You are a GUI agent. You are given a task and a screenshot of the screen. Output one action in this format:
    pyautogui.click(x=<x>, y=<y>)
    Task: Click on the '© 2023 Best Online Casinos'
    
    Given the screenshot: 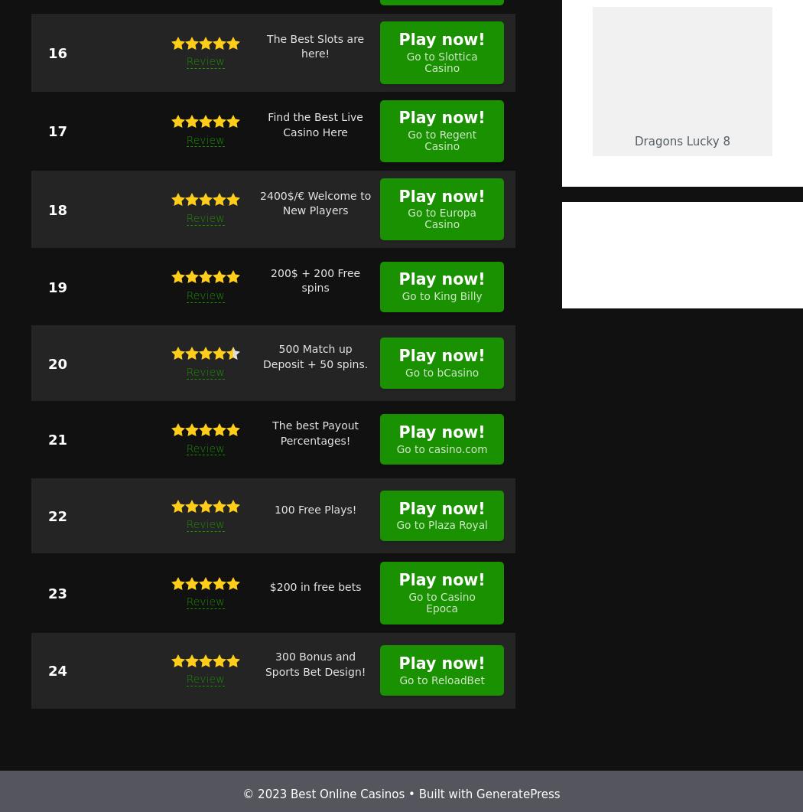 What is the action you would take?
    pyautogui.click(x=323, y=793)
    